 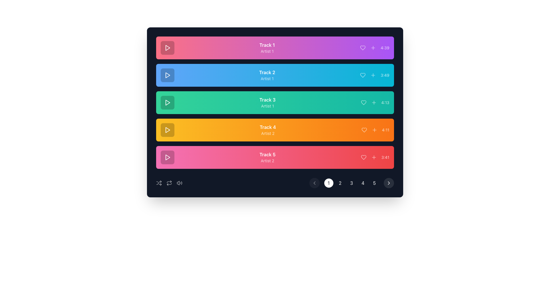 What do you see at coordinates (364, 130) in the screenshot?
I see `the 'like' or 'favorite' icon located in the fourth orange song list item, positioned immediately before the '+' button and after the song duration, to mark the track as favorite` at bounding box center [364, 130].